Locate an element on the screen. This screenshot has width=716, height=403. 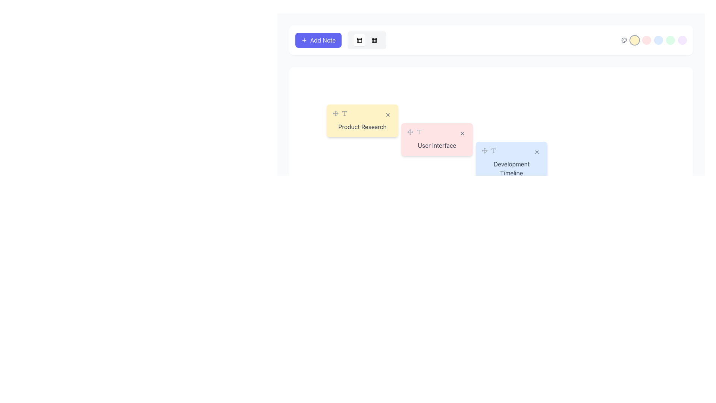
the close or delete button located at the upper-right corner of the 'Development Timeline' card to activate hover effects is located at coordinates (537, 152).